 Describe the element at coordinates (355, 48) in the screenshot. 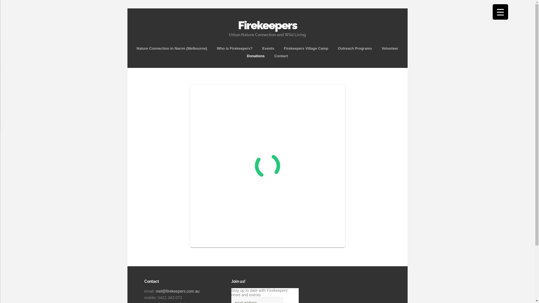

I see `'Outreach Programs'` at that location.